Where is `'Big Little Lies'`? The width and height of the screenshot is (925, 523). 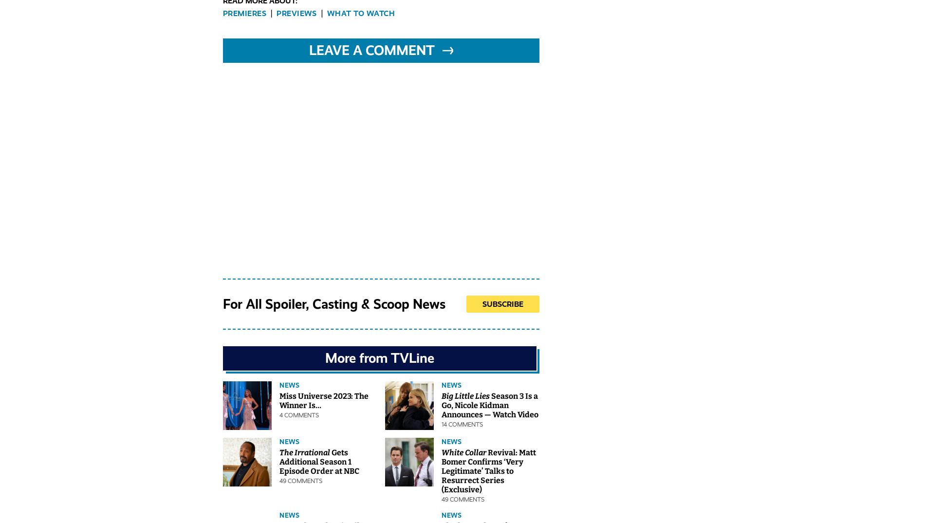 'Big Little Lies' is located at coordinates (465, 396).